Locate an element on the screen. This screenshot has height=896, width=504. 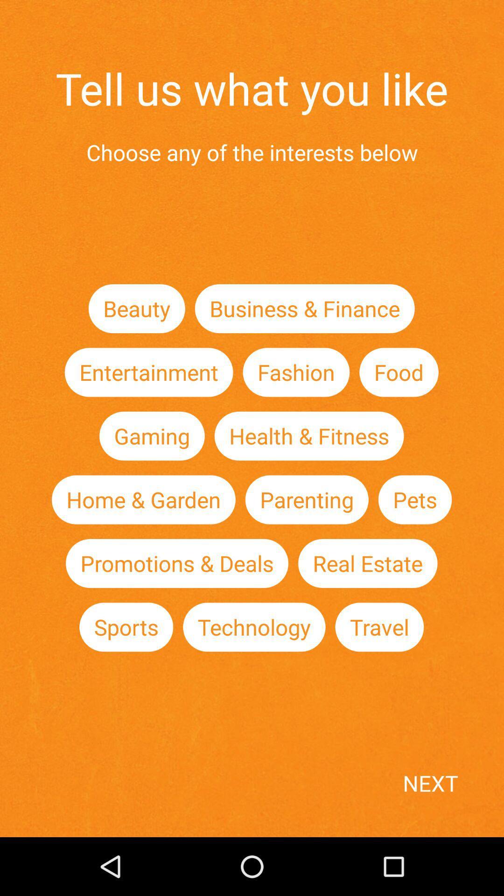
item next to the travel item is located at coordinates (254, 627).